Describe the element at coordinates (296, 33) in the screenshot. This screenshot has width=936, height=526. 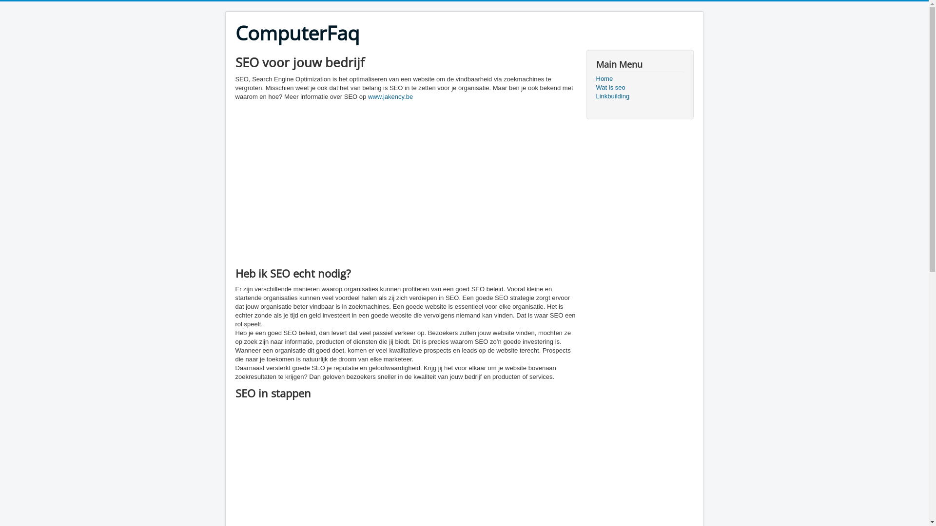
I see `'ComputerFaq'` at that location.